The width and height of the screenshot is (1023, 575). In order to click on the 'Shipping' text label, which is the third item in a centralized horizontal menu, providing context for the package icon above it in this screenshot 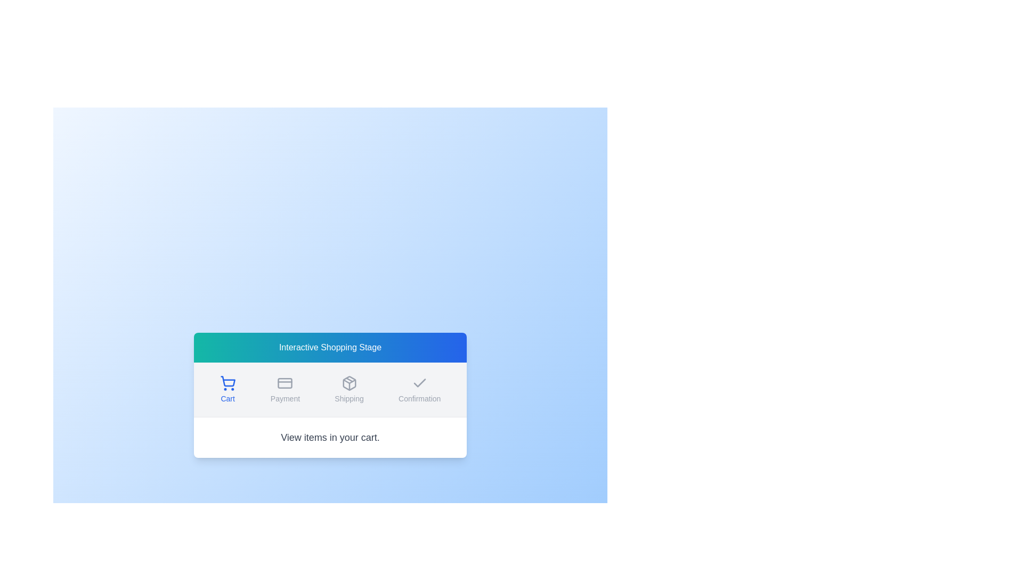, I will do `click(349, 398)`.